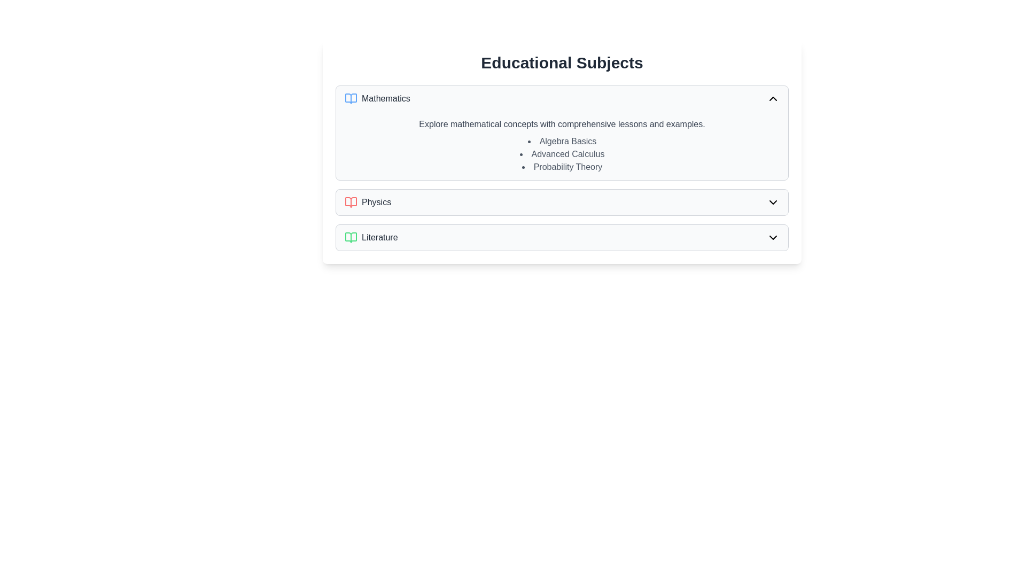 The height and width of the screenshot is (577, 1026). What do you see at coordinates (773, 99) in the screenshot?
I see `the Collapse/Expand Indicator (Chevron Icon) located at the far-right edge of the header of the 'Mathematics' section` at bounding box center [773, 99].